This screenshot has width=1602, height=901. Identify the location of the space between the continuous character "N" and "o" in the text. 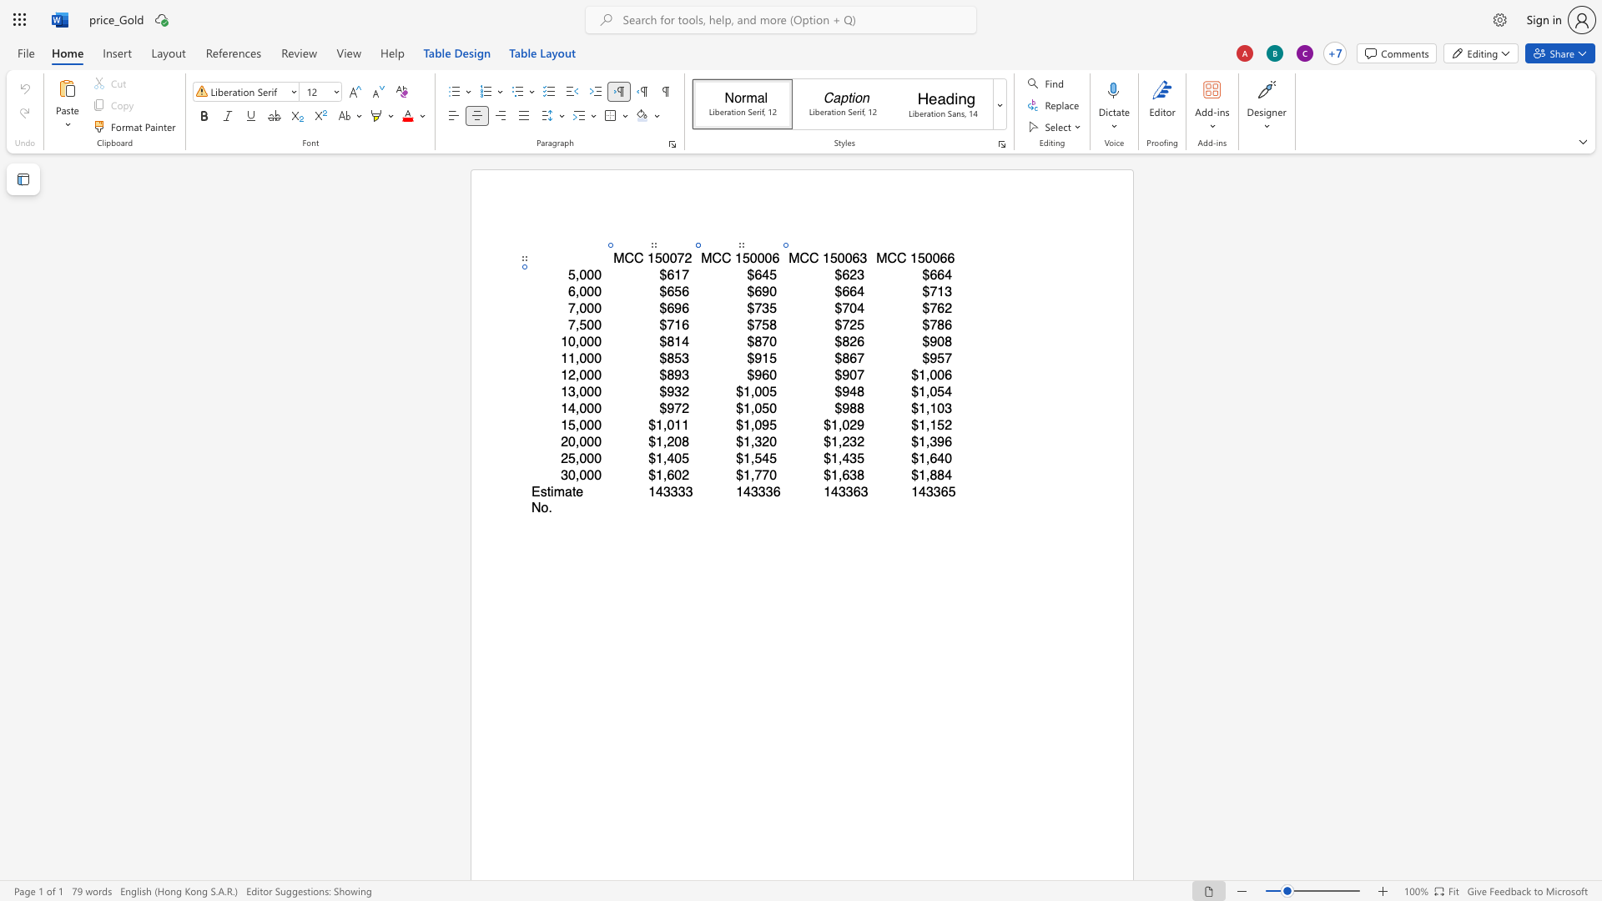
(540, 507).